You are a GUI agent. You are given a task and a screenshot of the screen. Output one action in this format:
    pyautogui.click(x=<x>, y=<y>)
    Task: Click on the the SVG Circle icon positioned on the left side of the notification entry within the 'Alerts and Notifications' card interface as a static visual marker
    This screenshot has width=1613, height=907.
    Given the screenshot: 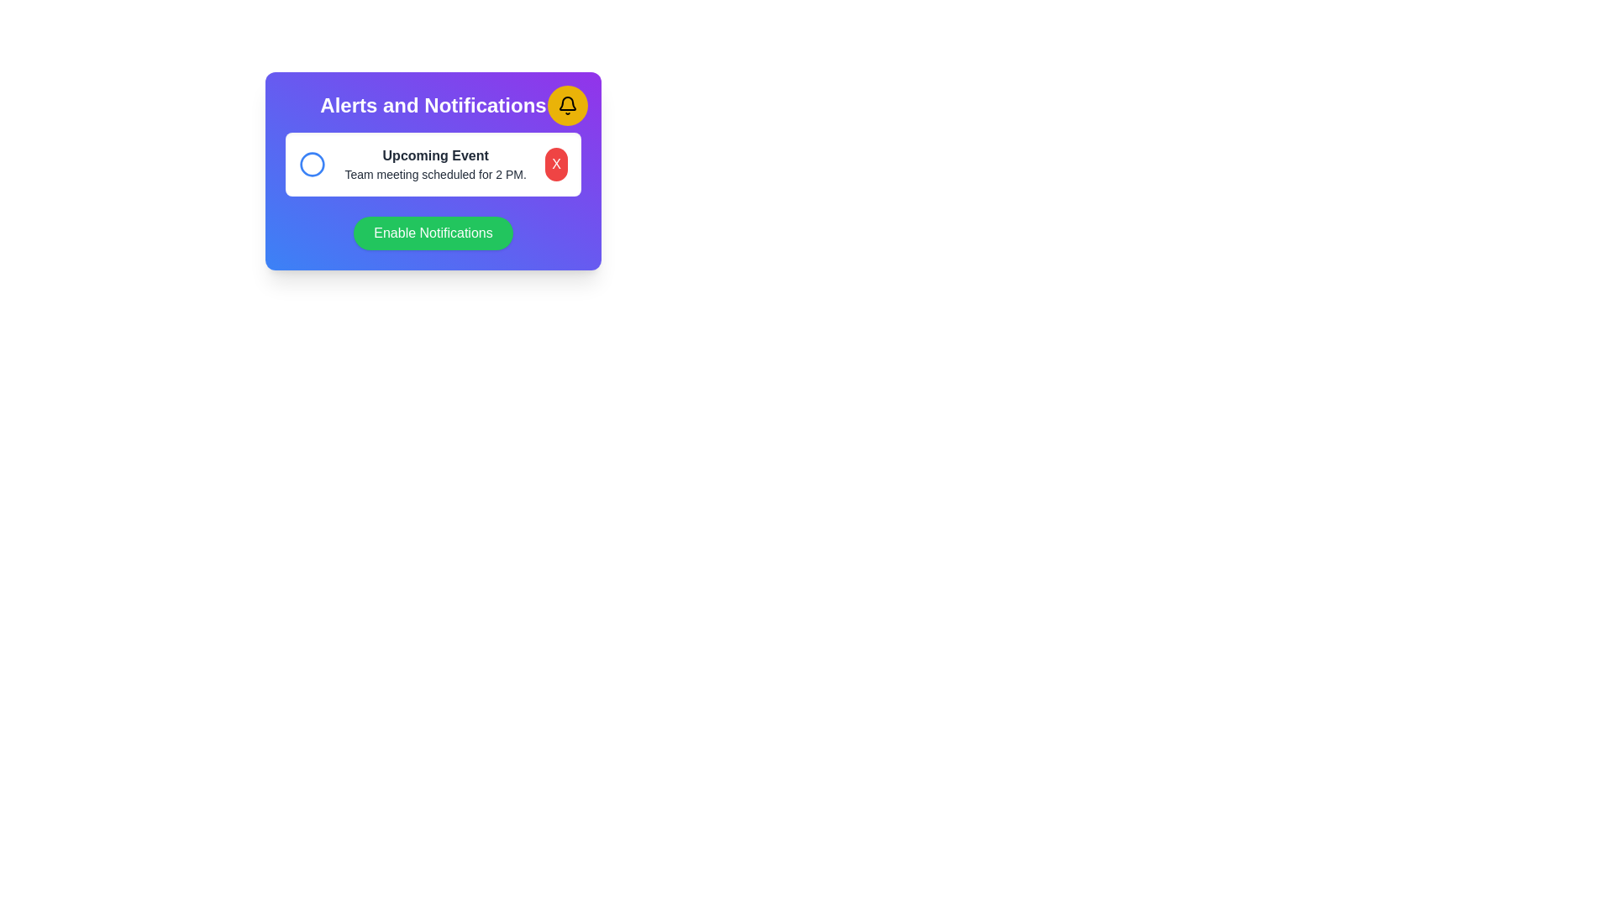 What is the action you would take?
    pyautogui.click(x=313, y=165)
    